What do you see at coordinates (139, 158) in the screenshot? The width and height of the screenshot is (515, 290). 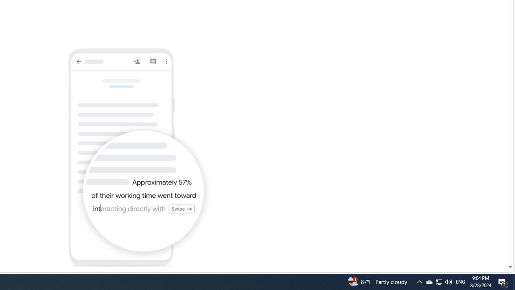 I see `'Docs write faster'` at bounding box center [139, 158].